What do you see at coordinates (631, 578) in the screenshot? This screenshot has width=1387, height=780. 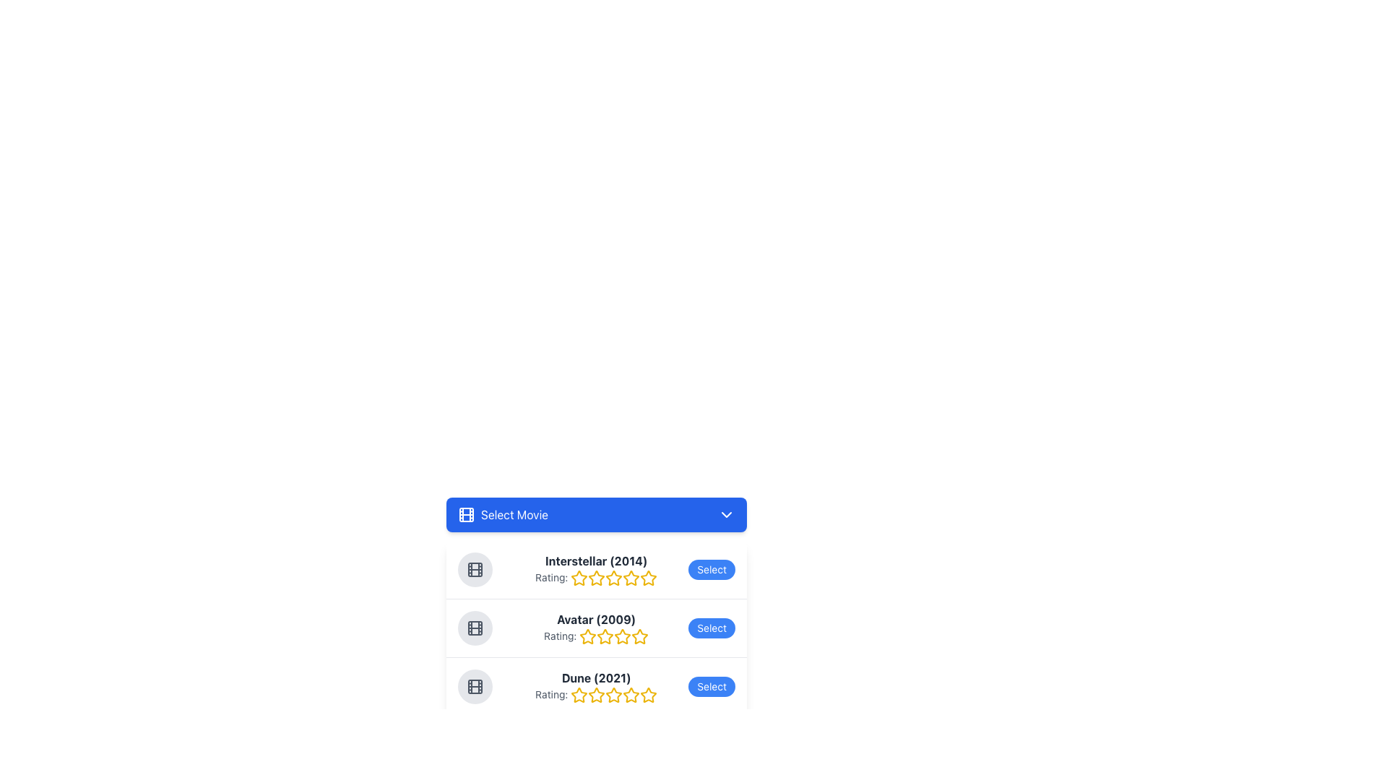 I see `the fourth star icon representing the rating for the movie 'Interstellar (2014)'` at bounding box center [631, 578].